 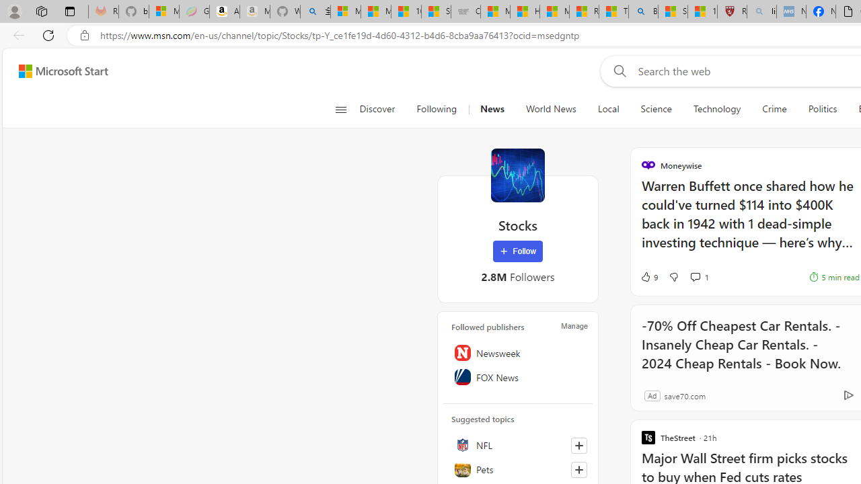 I want to click on 'Microsoft-Report a Concern to Bing', so click(x=163, y=11).